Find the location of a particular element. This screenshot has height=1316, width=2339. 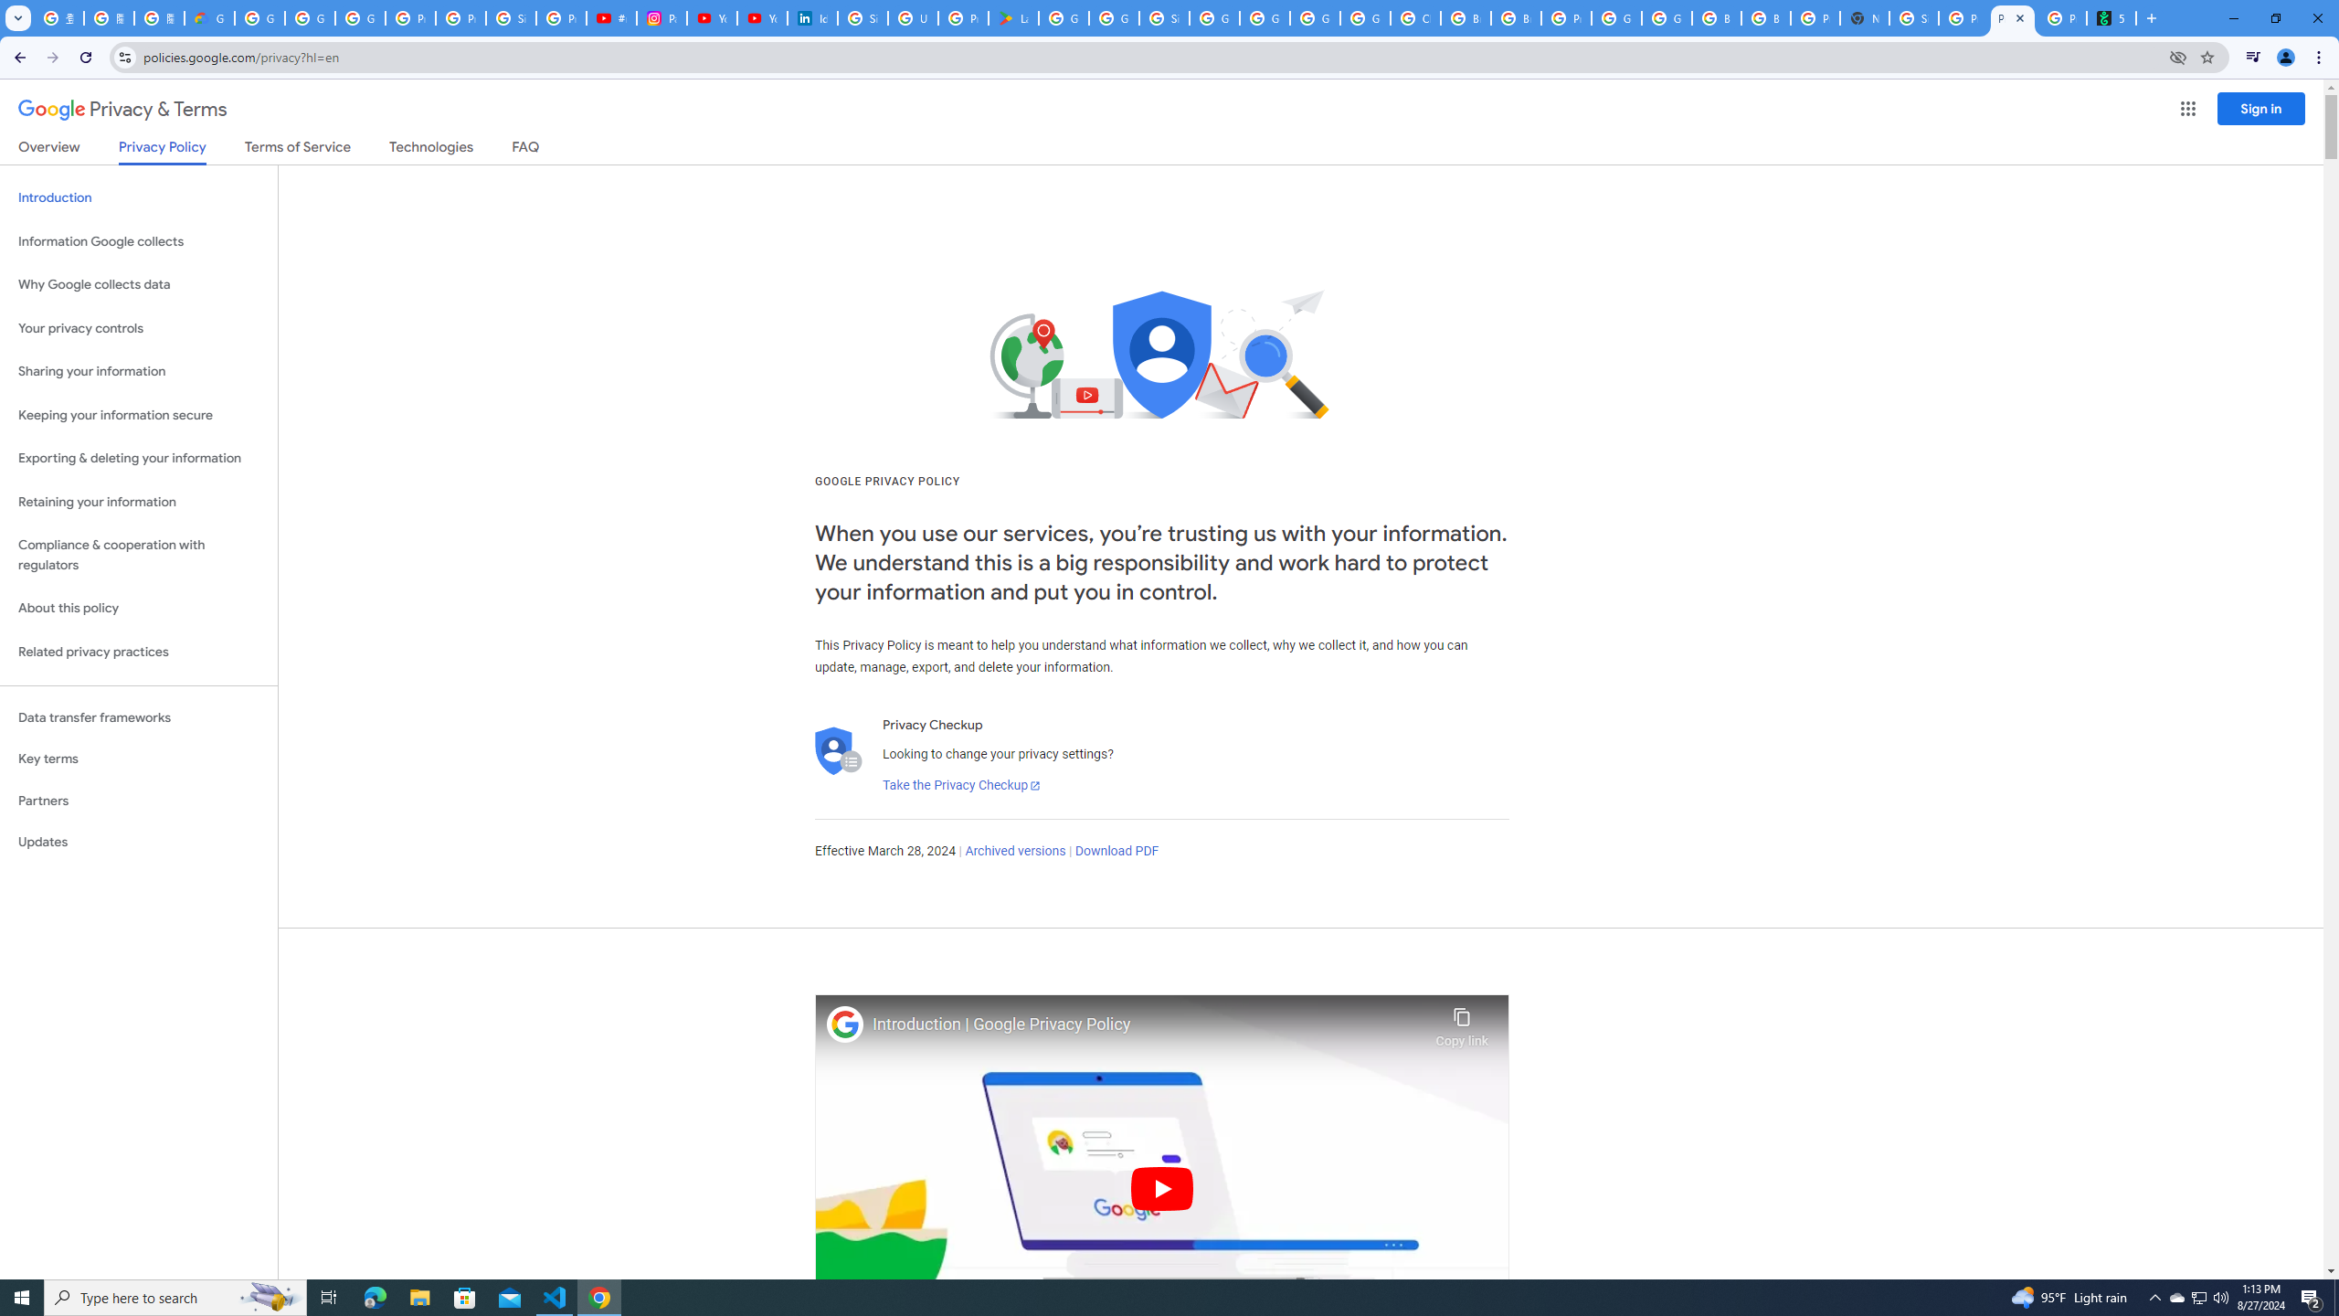

'YouTube Culture & Trends - YouTube Top 10, 2021' is located at coordinates (761, 17).